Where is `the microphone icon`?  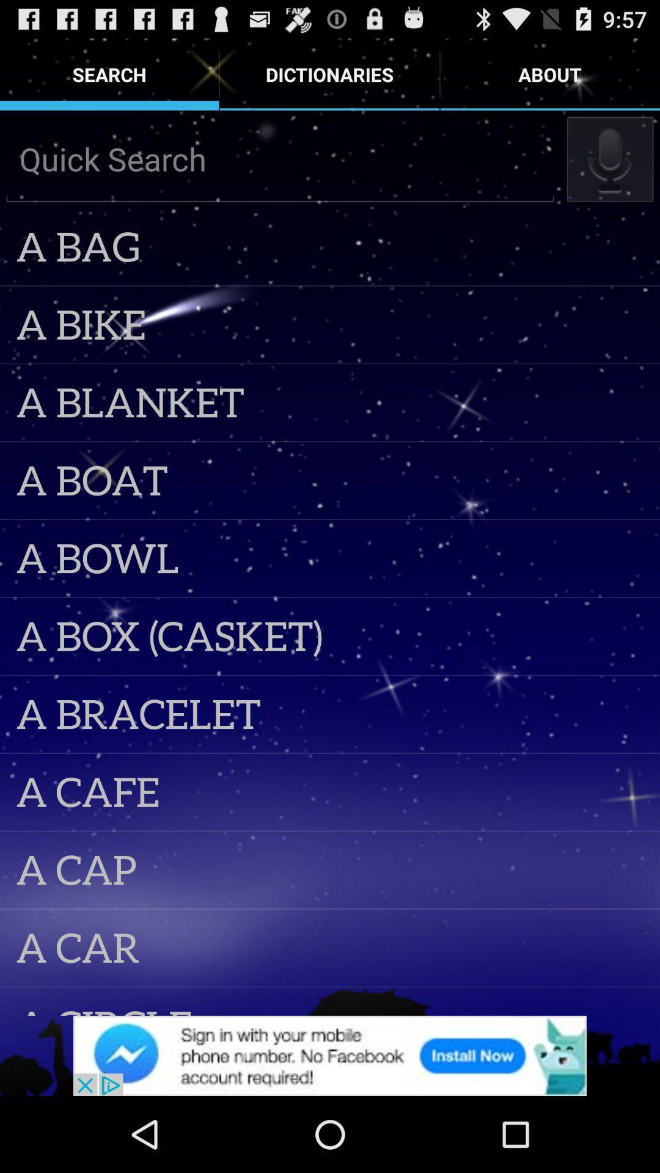
the microphone icon is located at coordinates (610, 170).